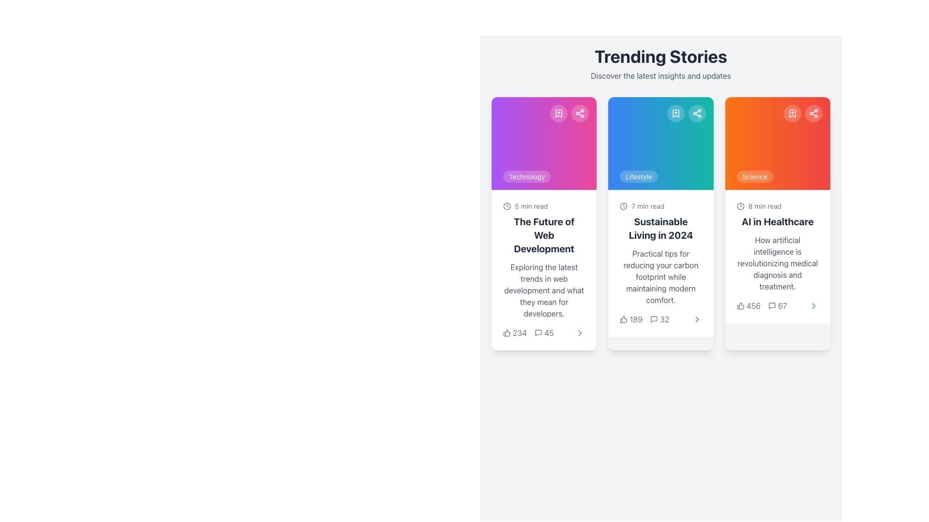  Describe the element at coordinates (778, 263) in the screenshot. I see `the informational text block that provides a summary about 'AI in Healthcare', located in the third card below the header and above the icons and statistics` at that location.